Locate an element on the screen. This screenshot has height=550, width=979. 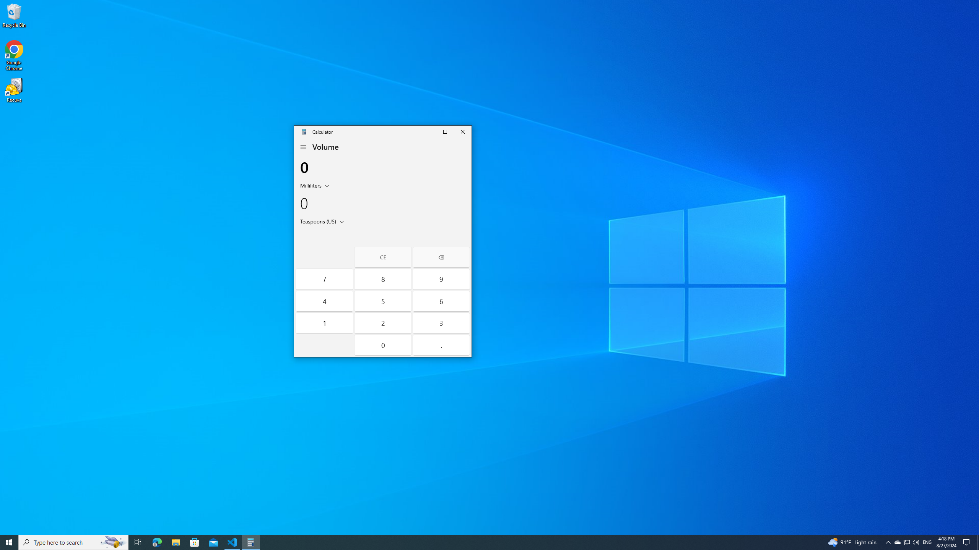
'Decimal separator' is located at coordinates (441, 345).